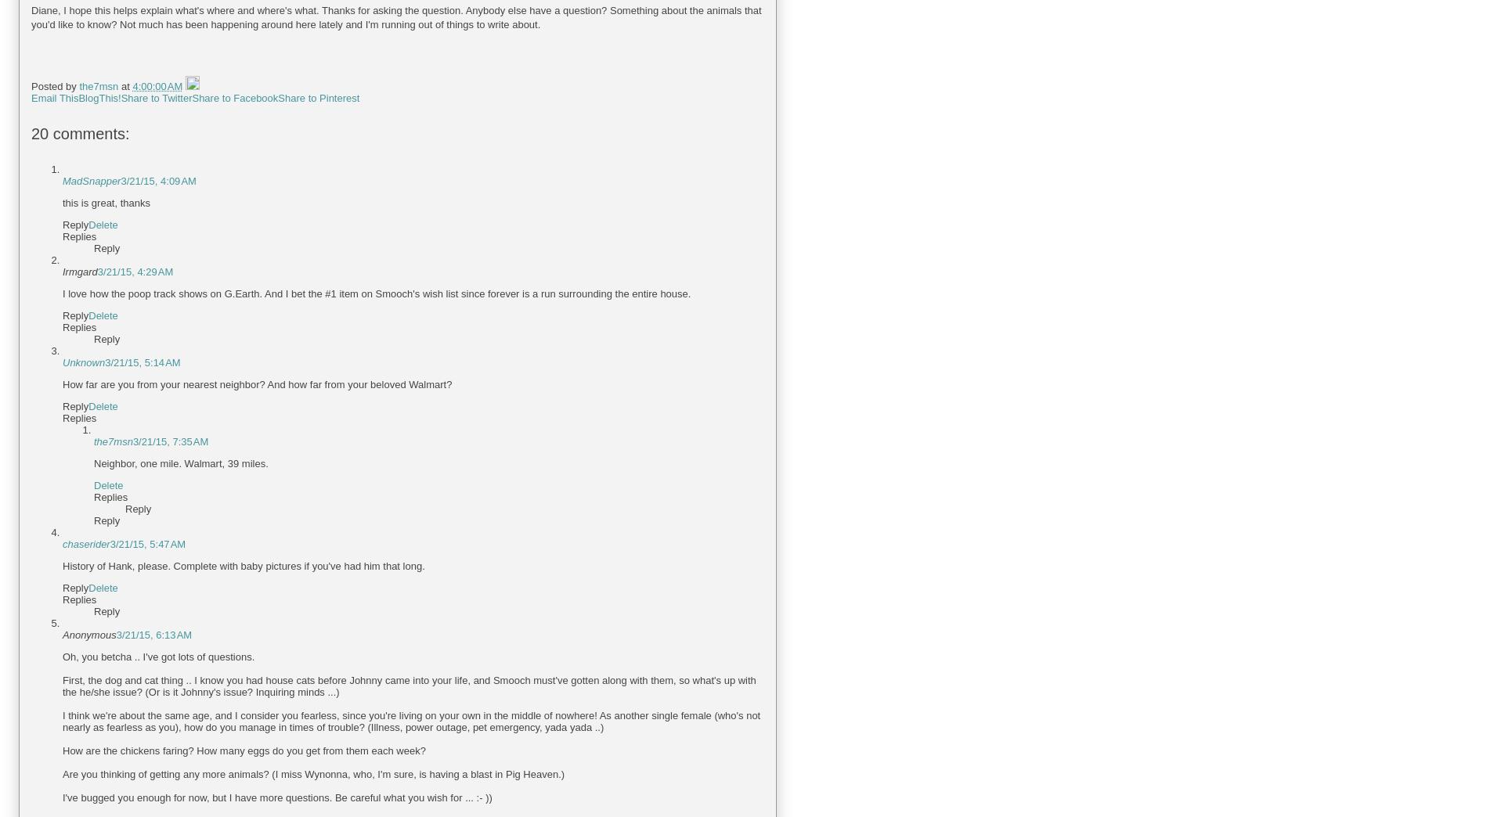 The width and height of the screenshot is (1494, 817). What do you see at coordinates (125, 86) in the screenshot?
I see `'at'` at bounding box center [125, 86].